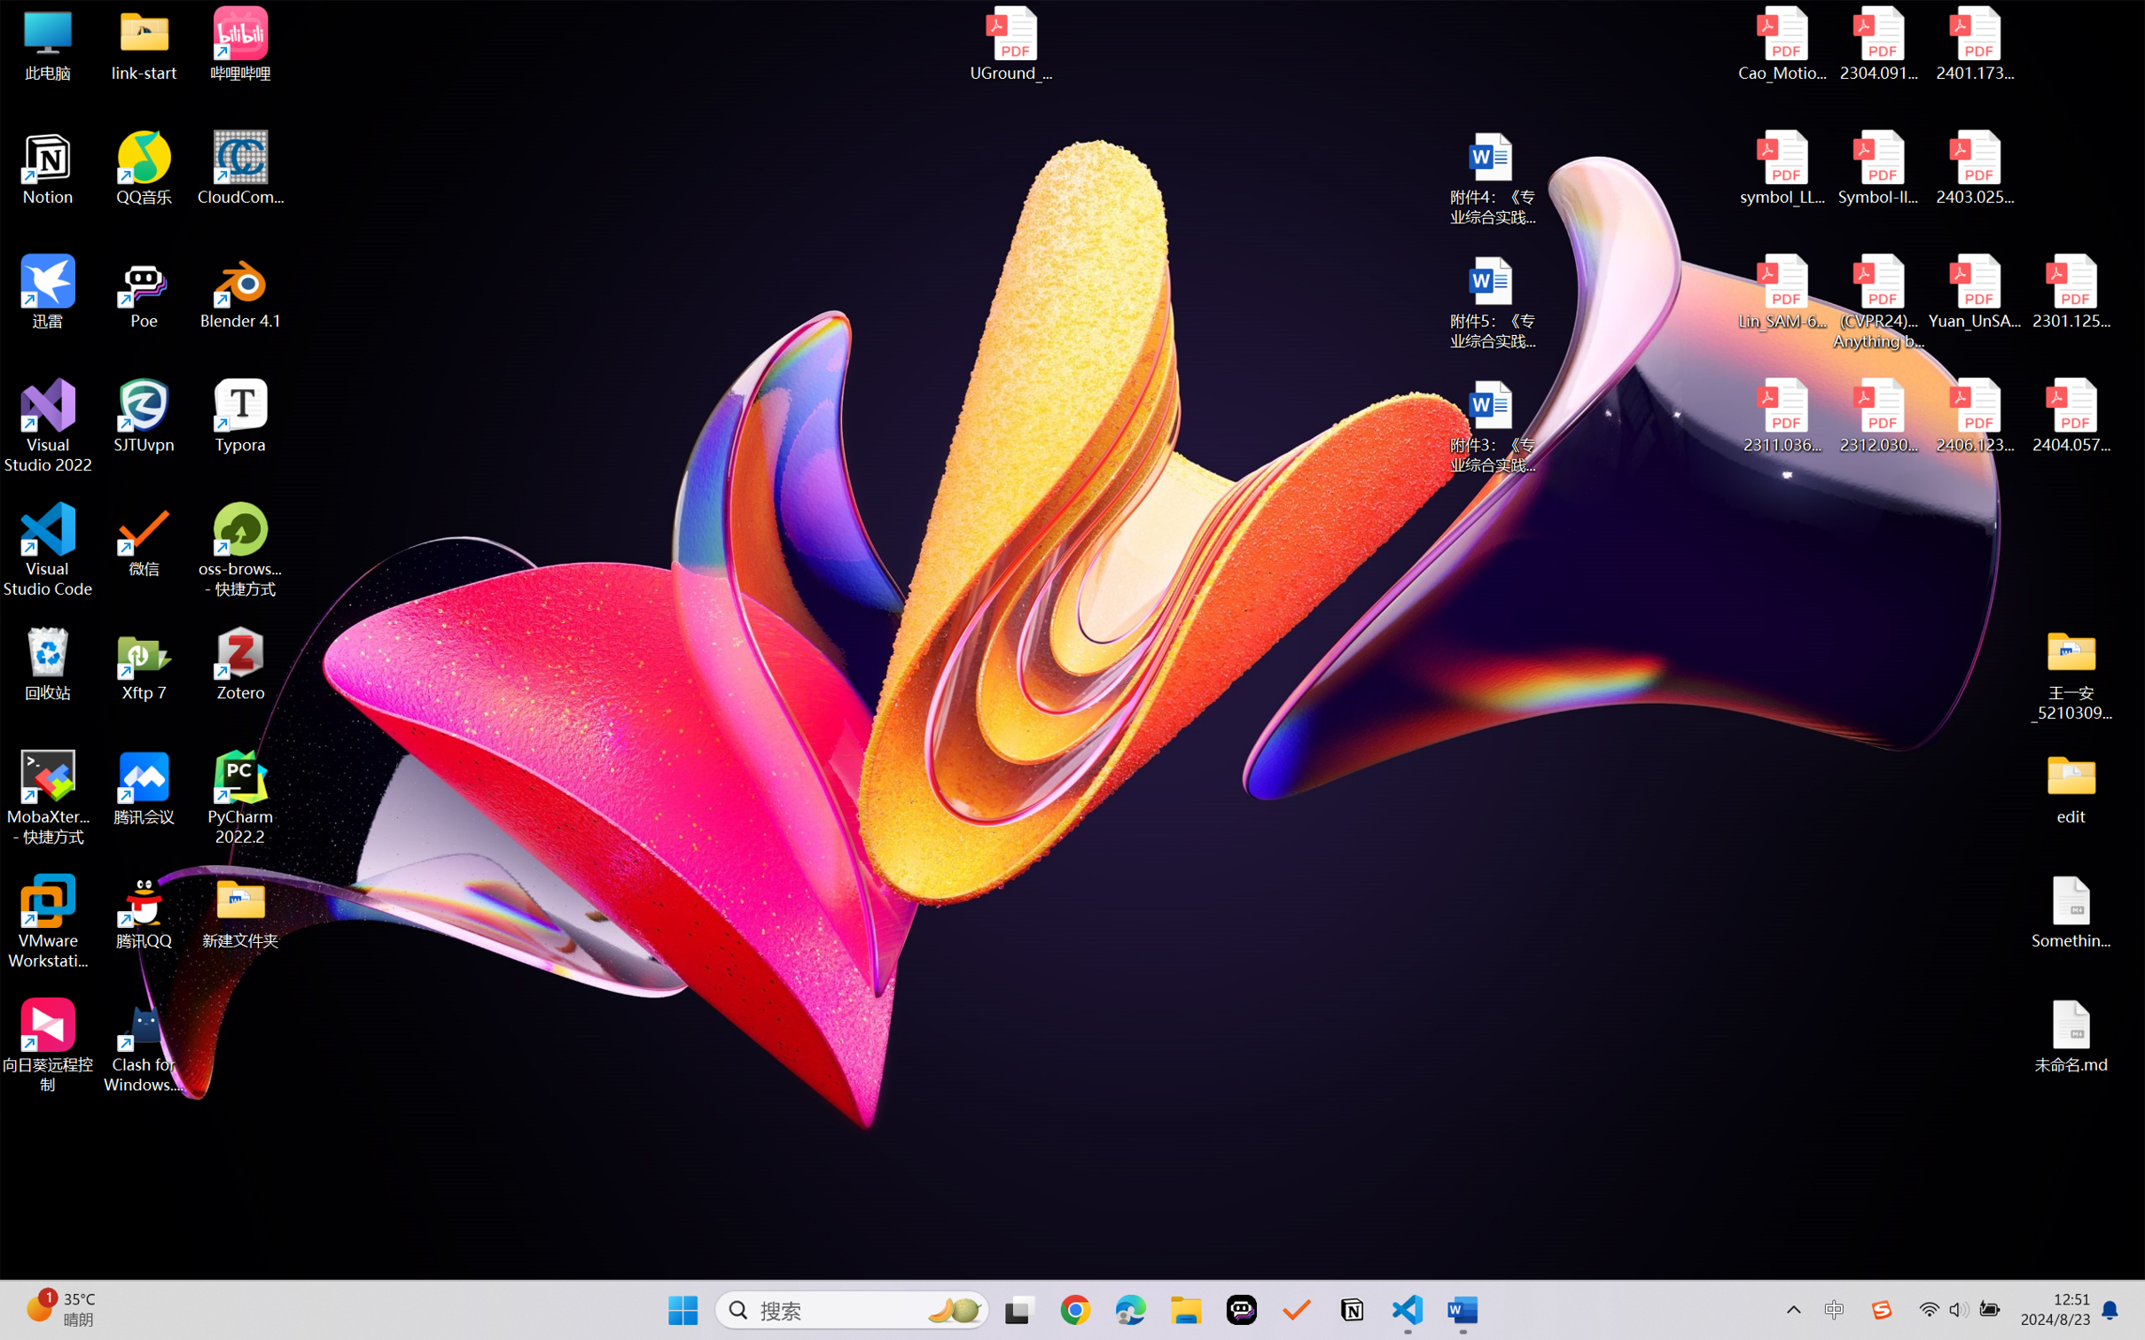 The width and height of the screenshot is (2145, 1340). What do you see at coordinates (1973, 416) in the screenshot?
I see `'2406.12373v2.pdf'` at bounding box center [1973, 416].